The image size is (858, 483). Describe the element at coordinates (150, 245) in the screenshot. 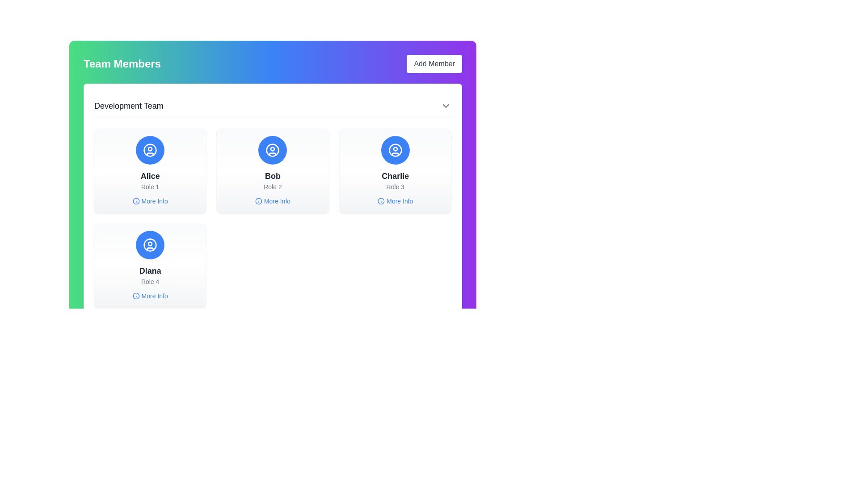

I see `the circular blue user icon with a white head and shoulders outline, located at the top of the card titled 'Diana' in the fourth position of a team grid layout` at that location.